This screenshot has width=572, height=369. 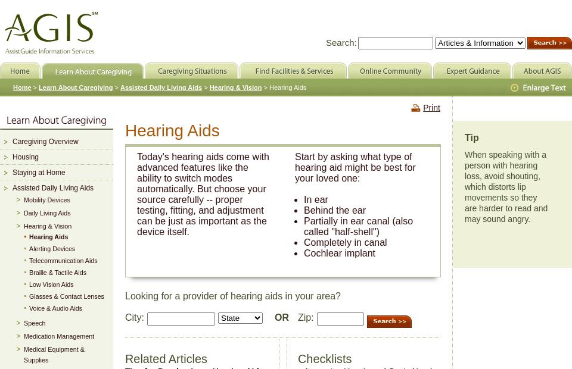 I want to click on 'Medical Equipment & Supplies', so click(x=54, y=355).